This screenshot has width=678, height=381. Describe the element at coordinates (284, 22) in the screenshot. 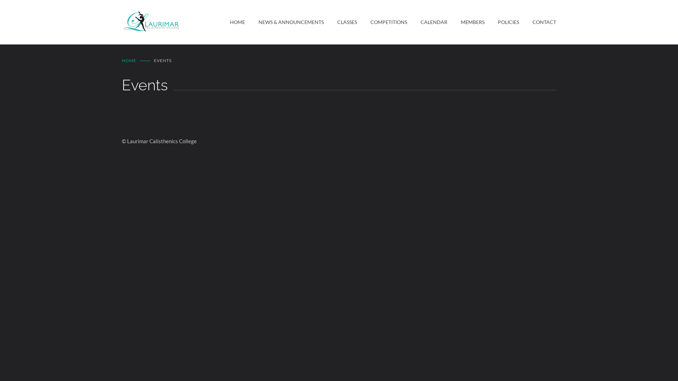

I see `'NEWS & ANNOUNCEMENTS'` at that location.